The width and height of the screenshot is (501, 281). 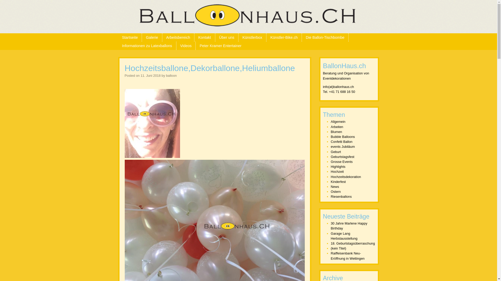 What do you see at coordinates (336, 131) in the screenshot?
I see `'Blumen'` at bounding box center [336, 131].